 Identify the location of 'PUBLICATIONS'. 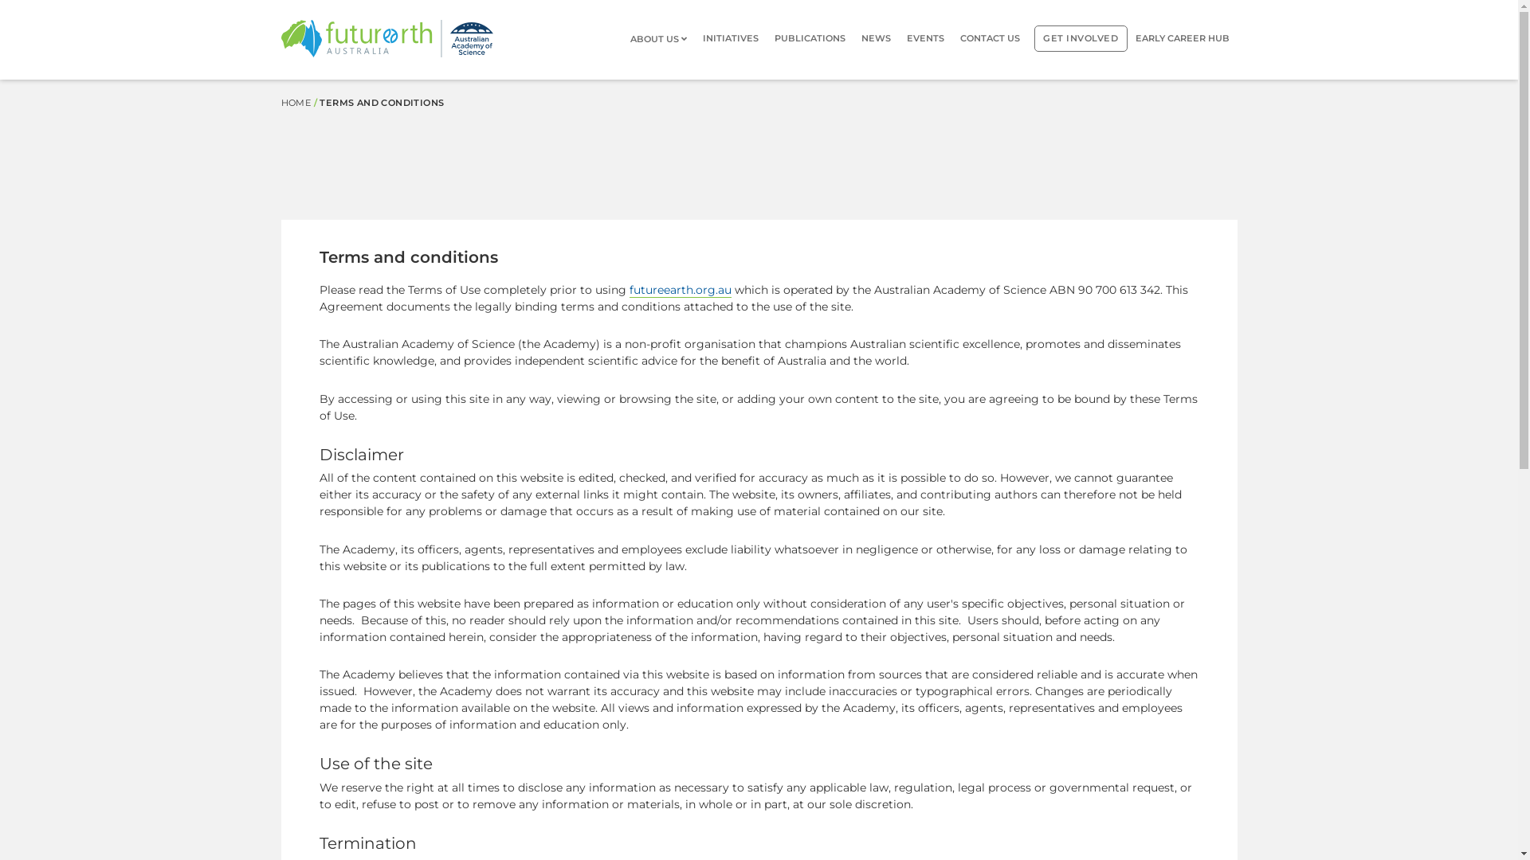
(810, 37).